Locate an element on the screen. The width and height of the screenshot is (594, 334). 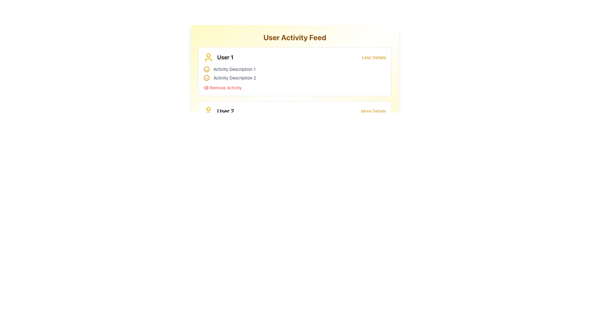
the small, square-shaped red trash can icon located to the left of the 'Remove Activity' text, part of the clickable link group under 'User 1' is located at coordinates (206, 88).